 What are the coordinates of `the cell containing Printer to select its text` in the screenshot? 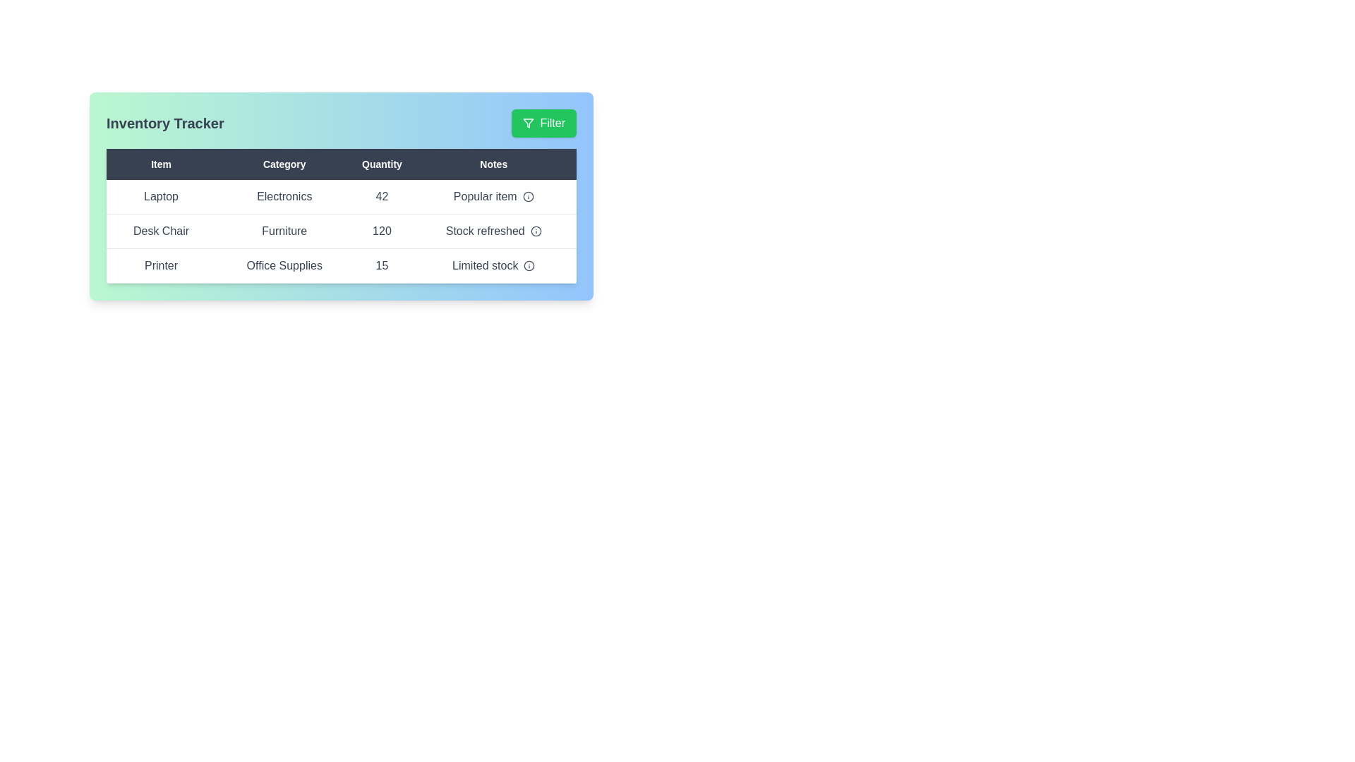 It's located at (161, 266).